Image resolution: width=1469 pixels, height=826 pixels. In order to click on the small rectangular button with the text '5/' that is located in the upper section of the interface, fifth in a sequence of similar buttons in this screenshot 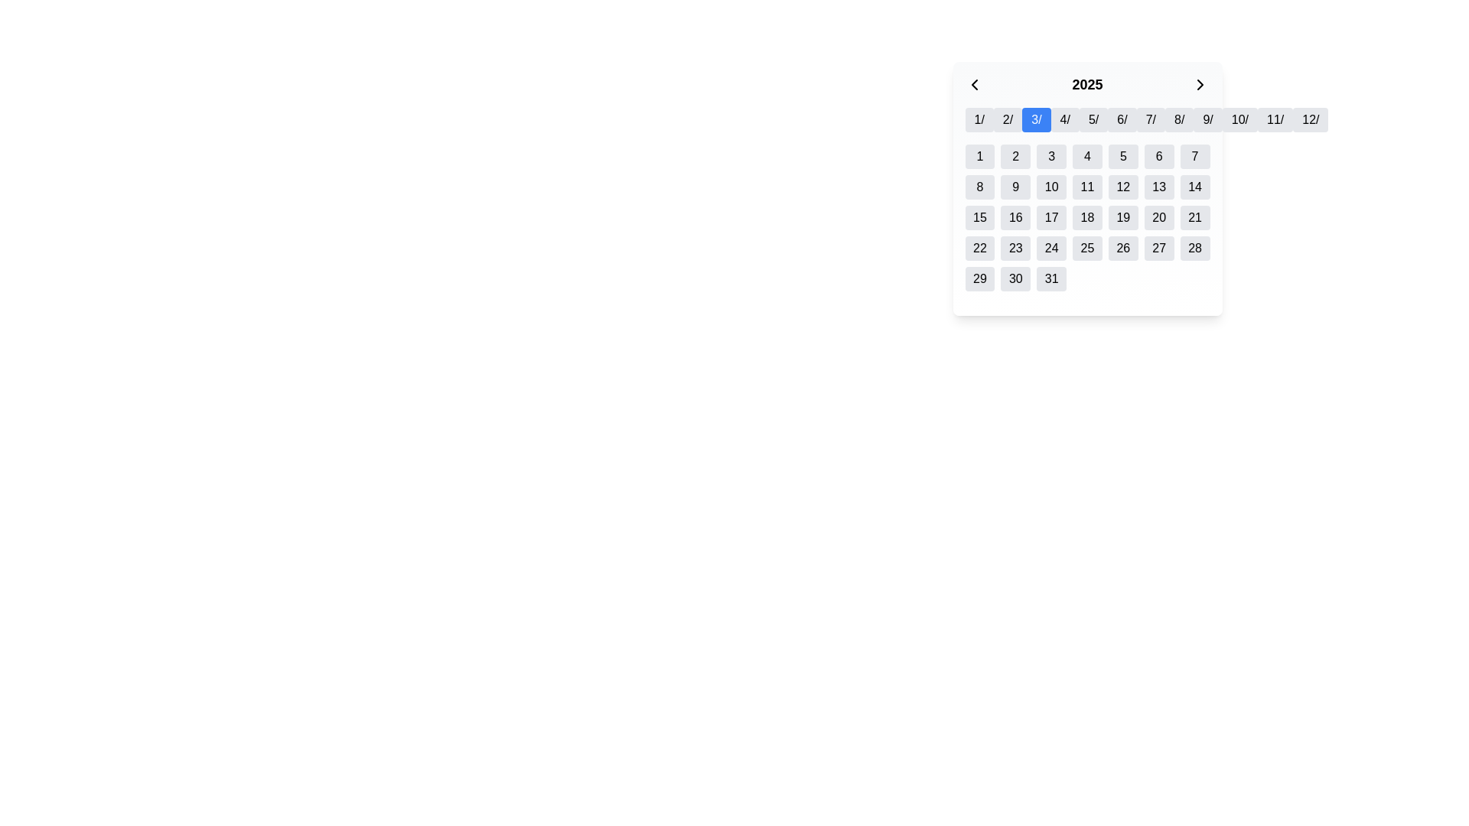, I will do `click(1093, 119)`.